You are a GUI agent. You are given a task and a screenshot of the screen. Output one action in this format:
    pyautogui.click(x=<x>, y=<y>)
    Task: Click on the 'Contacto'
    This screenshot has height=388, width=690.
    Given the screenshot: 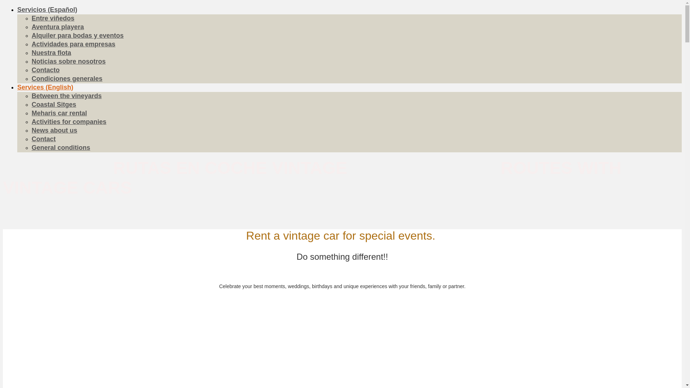 What is the action you would take?
    pyautogui.click(x=45, y=70)
    